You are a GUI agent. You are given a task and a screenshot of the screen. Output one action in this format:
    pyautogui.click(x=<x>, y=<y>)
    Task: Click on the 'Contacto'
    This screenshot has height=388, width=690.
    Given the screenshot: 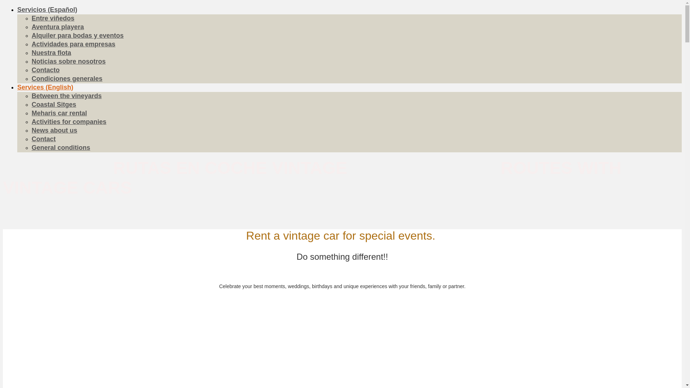 What is the action you would take?
    pyautogui.click(x=45, y=70)
    